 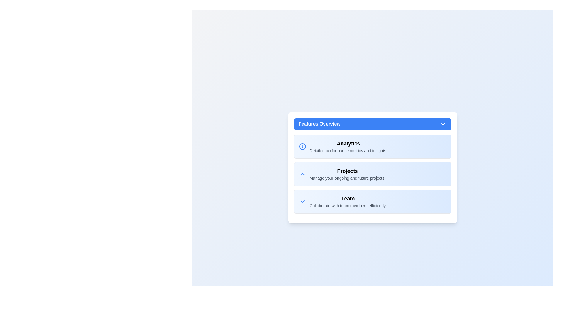 I want to click on descriptive text located underneath the 'Projects' title, which elaborates on the purpose and scope of the section, so click(x=347, y=178).